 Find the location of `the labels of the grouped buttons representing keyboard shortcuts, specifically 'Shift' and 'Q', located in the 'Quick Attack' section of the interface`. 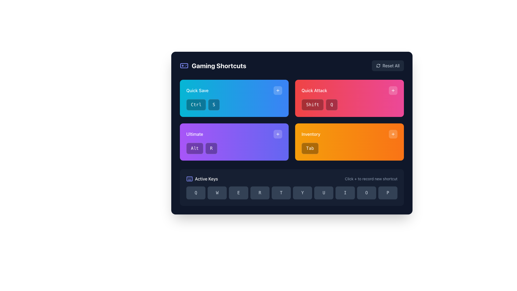

the labels of the grouped buttons representing keyboard shortcuts, specifically 'Shift' and 'Q', located in the 'Quick Attack' section of the interface is located at coordinates (349, 105).